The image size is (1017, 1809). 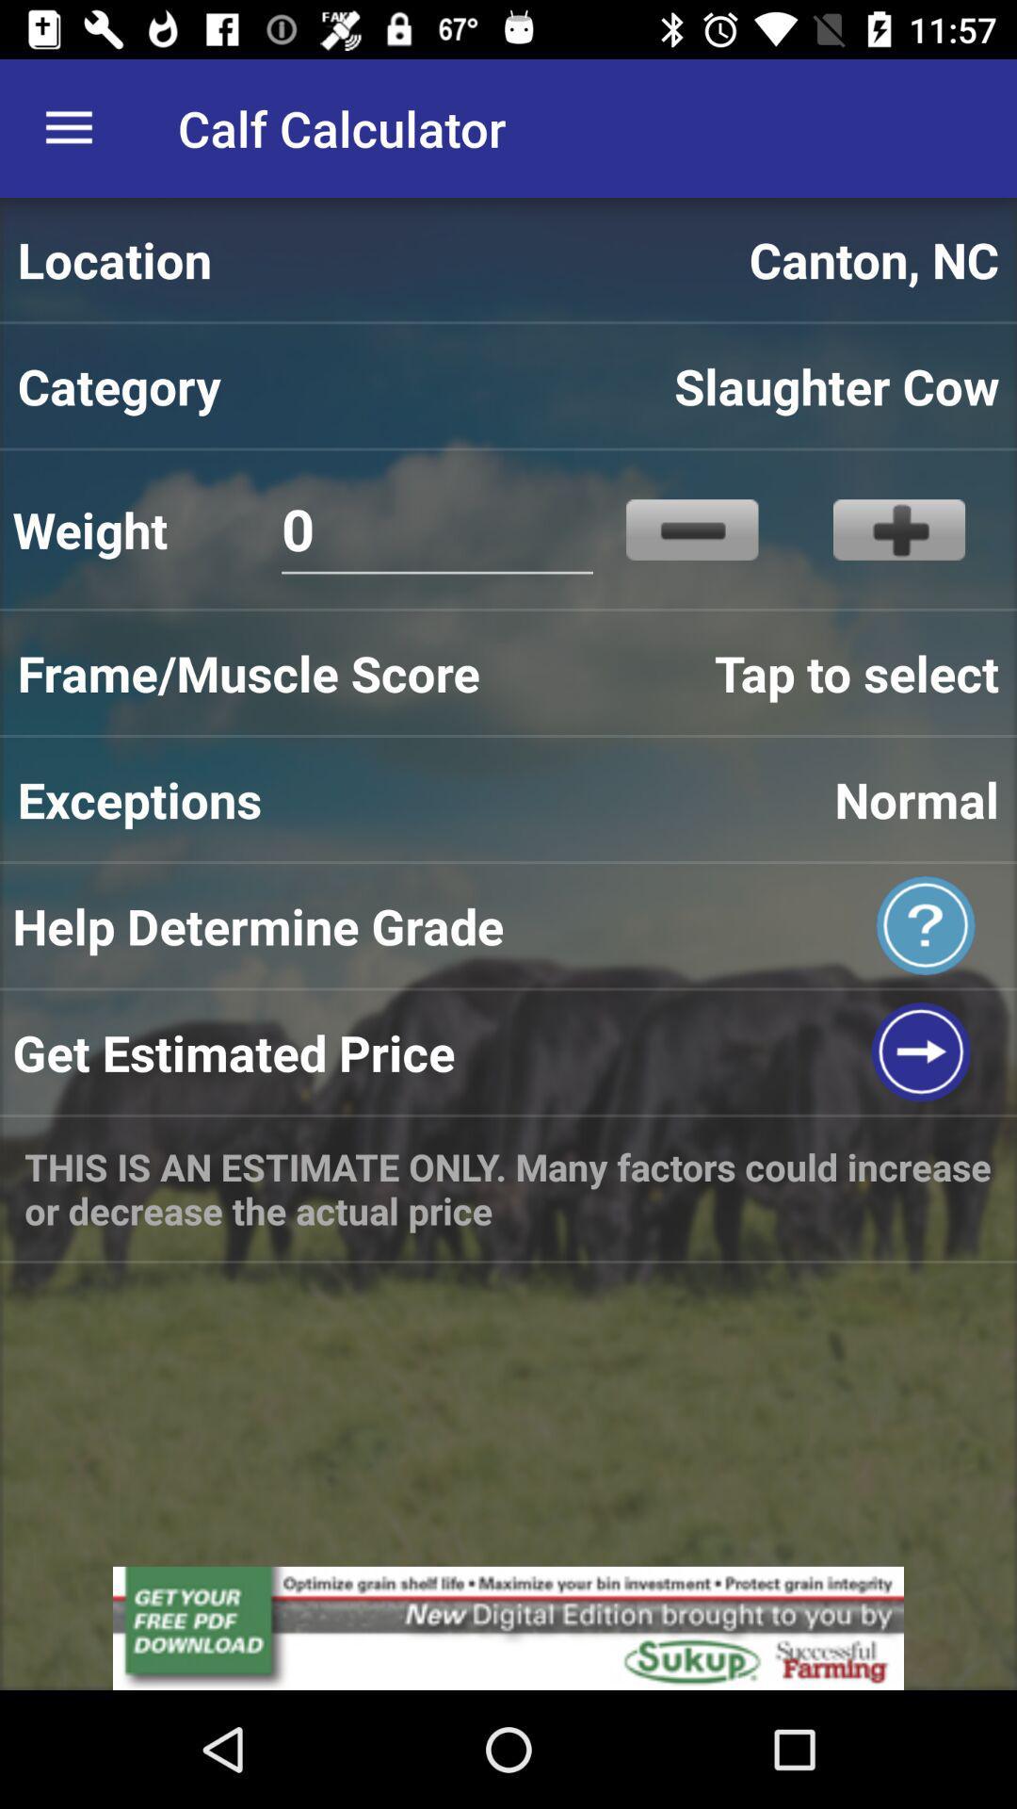 What do you see at coordinates (897, 529) in the screenshot?
I see `increase` at bounding box center [897, 529].